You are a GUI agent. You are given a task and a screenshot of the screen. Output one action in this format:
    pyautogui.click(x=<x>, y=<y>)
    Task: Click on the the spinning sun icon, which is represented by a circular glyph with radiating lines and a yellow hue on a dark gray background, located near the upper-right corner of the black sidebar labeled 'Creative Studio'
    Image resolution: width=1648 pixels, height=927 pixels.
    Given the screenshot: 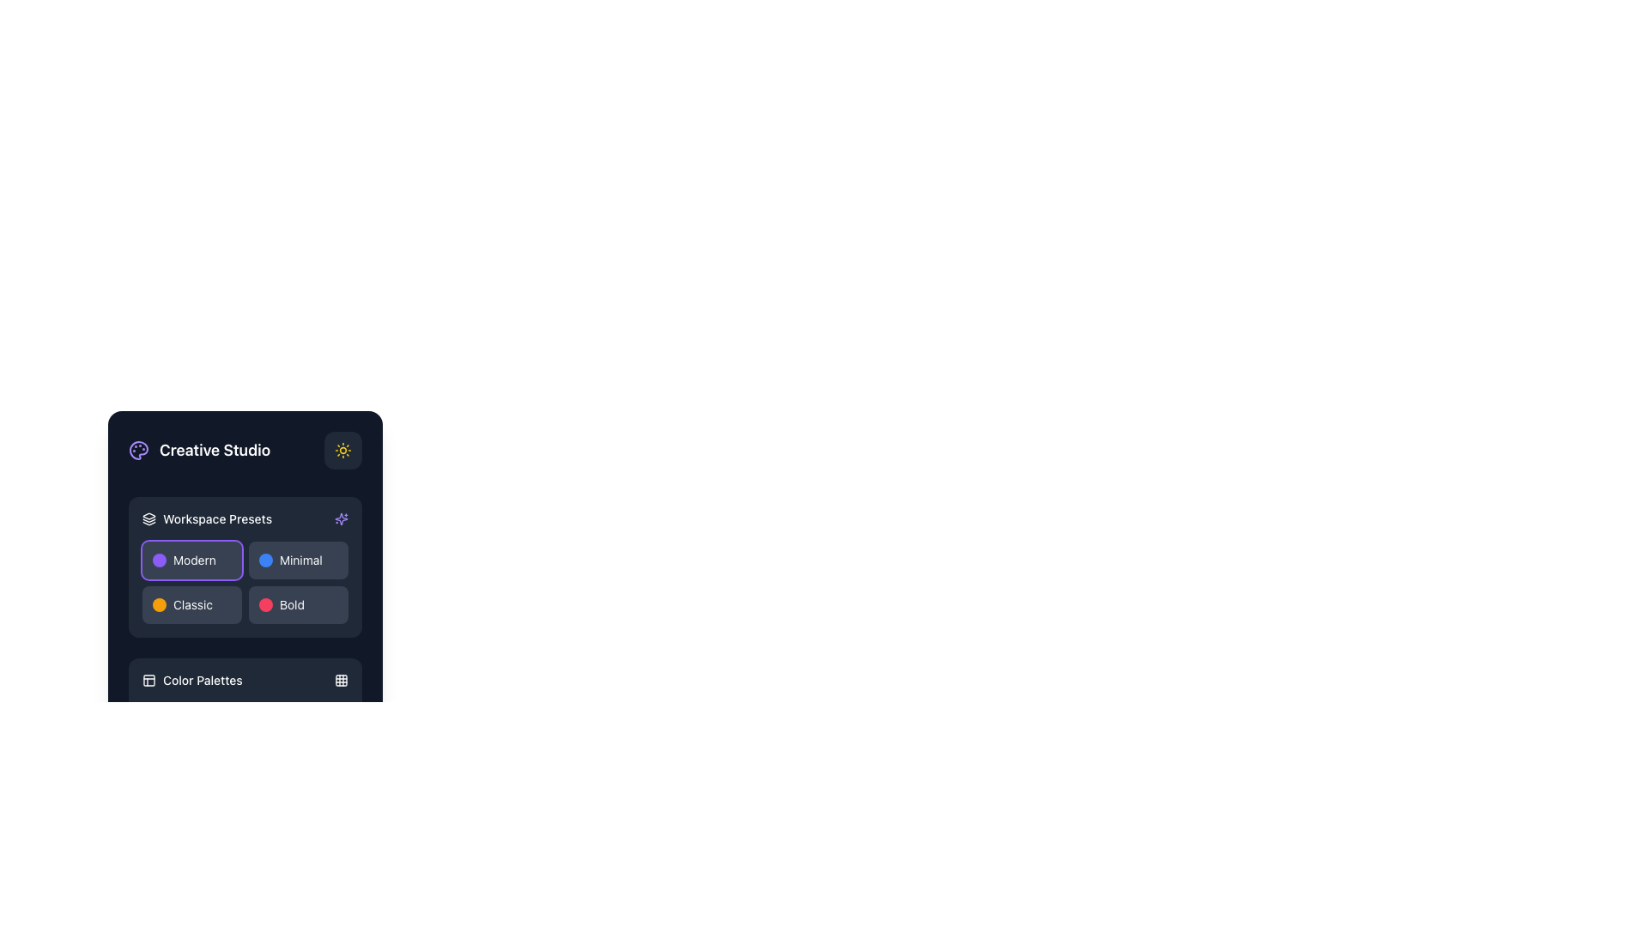 What is the action you would take?
    pyautogui.click(x=342, y=449)
    